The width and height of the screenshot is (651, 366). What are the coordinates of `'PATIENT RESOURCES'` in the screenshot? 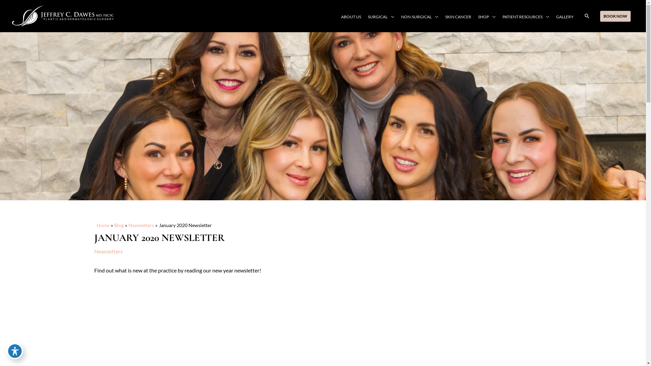 It's located at (525, 17).